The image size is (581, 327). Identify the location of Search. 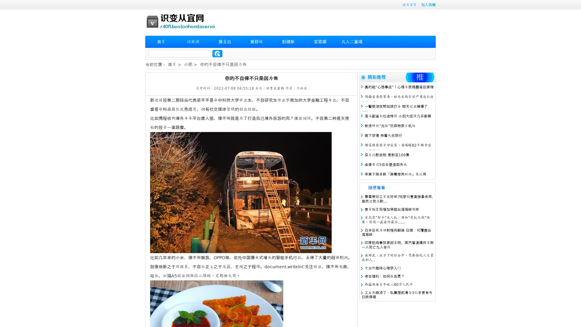
(217, 53).